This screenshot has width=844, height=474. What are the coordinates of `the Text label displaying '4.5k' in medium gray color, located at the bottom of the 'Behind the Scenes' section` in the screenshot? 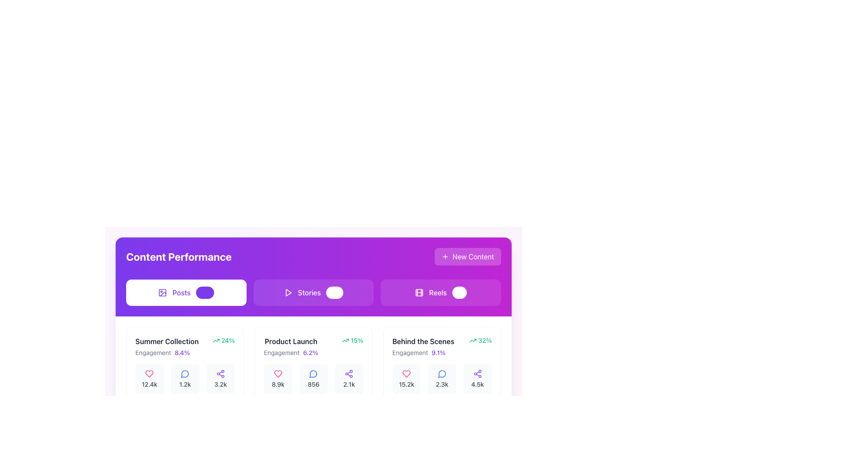 It's located at (477, 384).